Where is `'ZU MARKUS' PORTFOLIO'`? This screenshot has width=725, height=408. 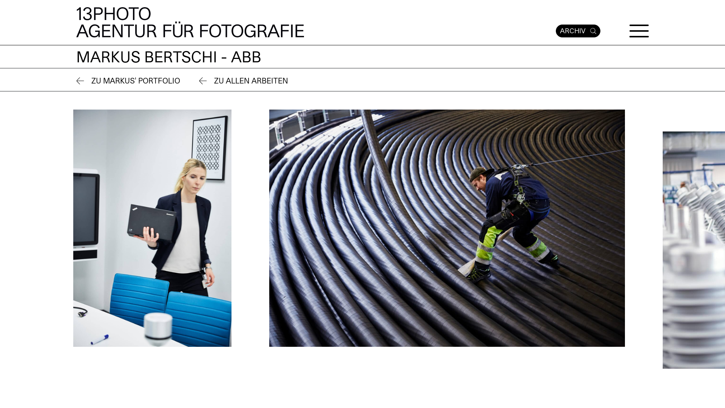
'ZU MARKUS' PORTFOLIO' is located at coordinates (128, 81).